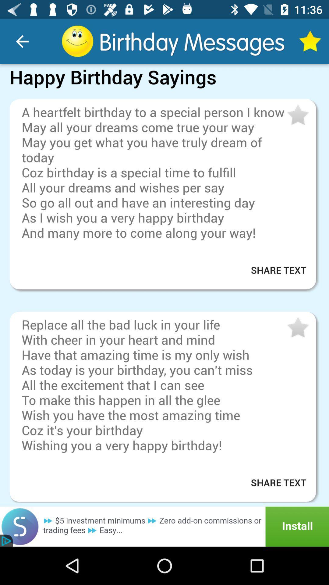 This screenshot has height=585, width=329. I want to click on to my favorites bar, so click(297, 115).